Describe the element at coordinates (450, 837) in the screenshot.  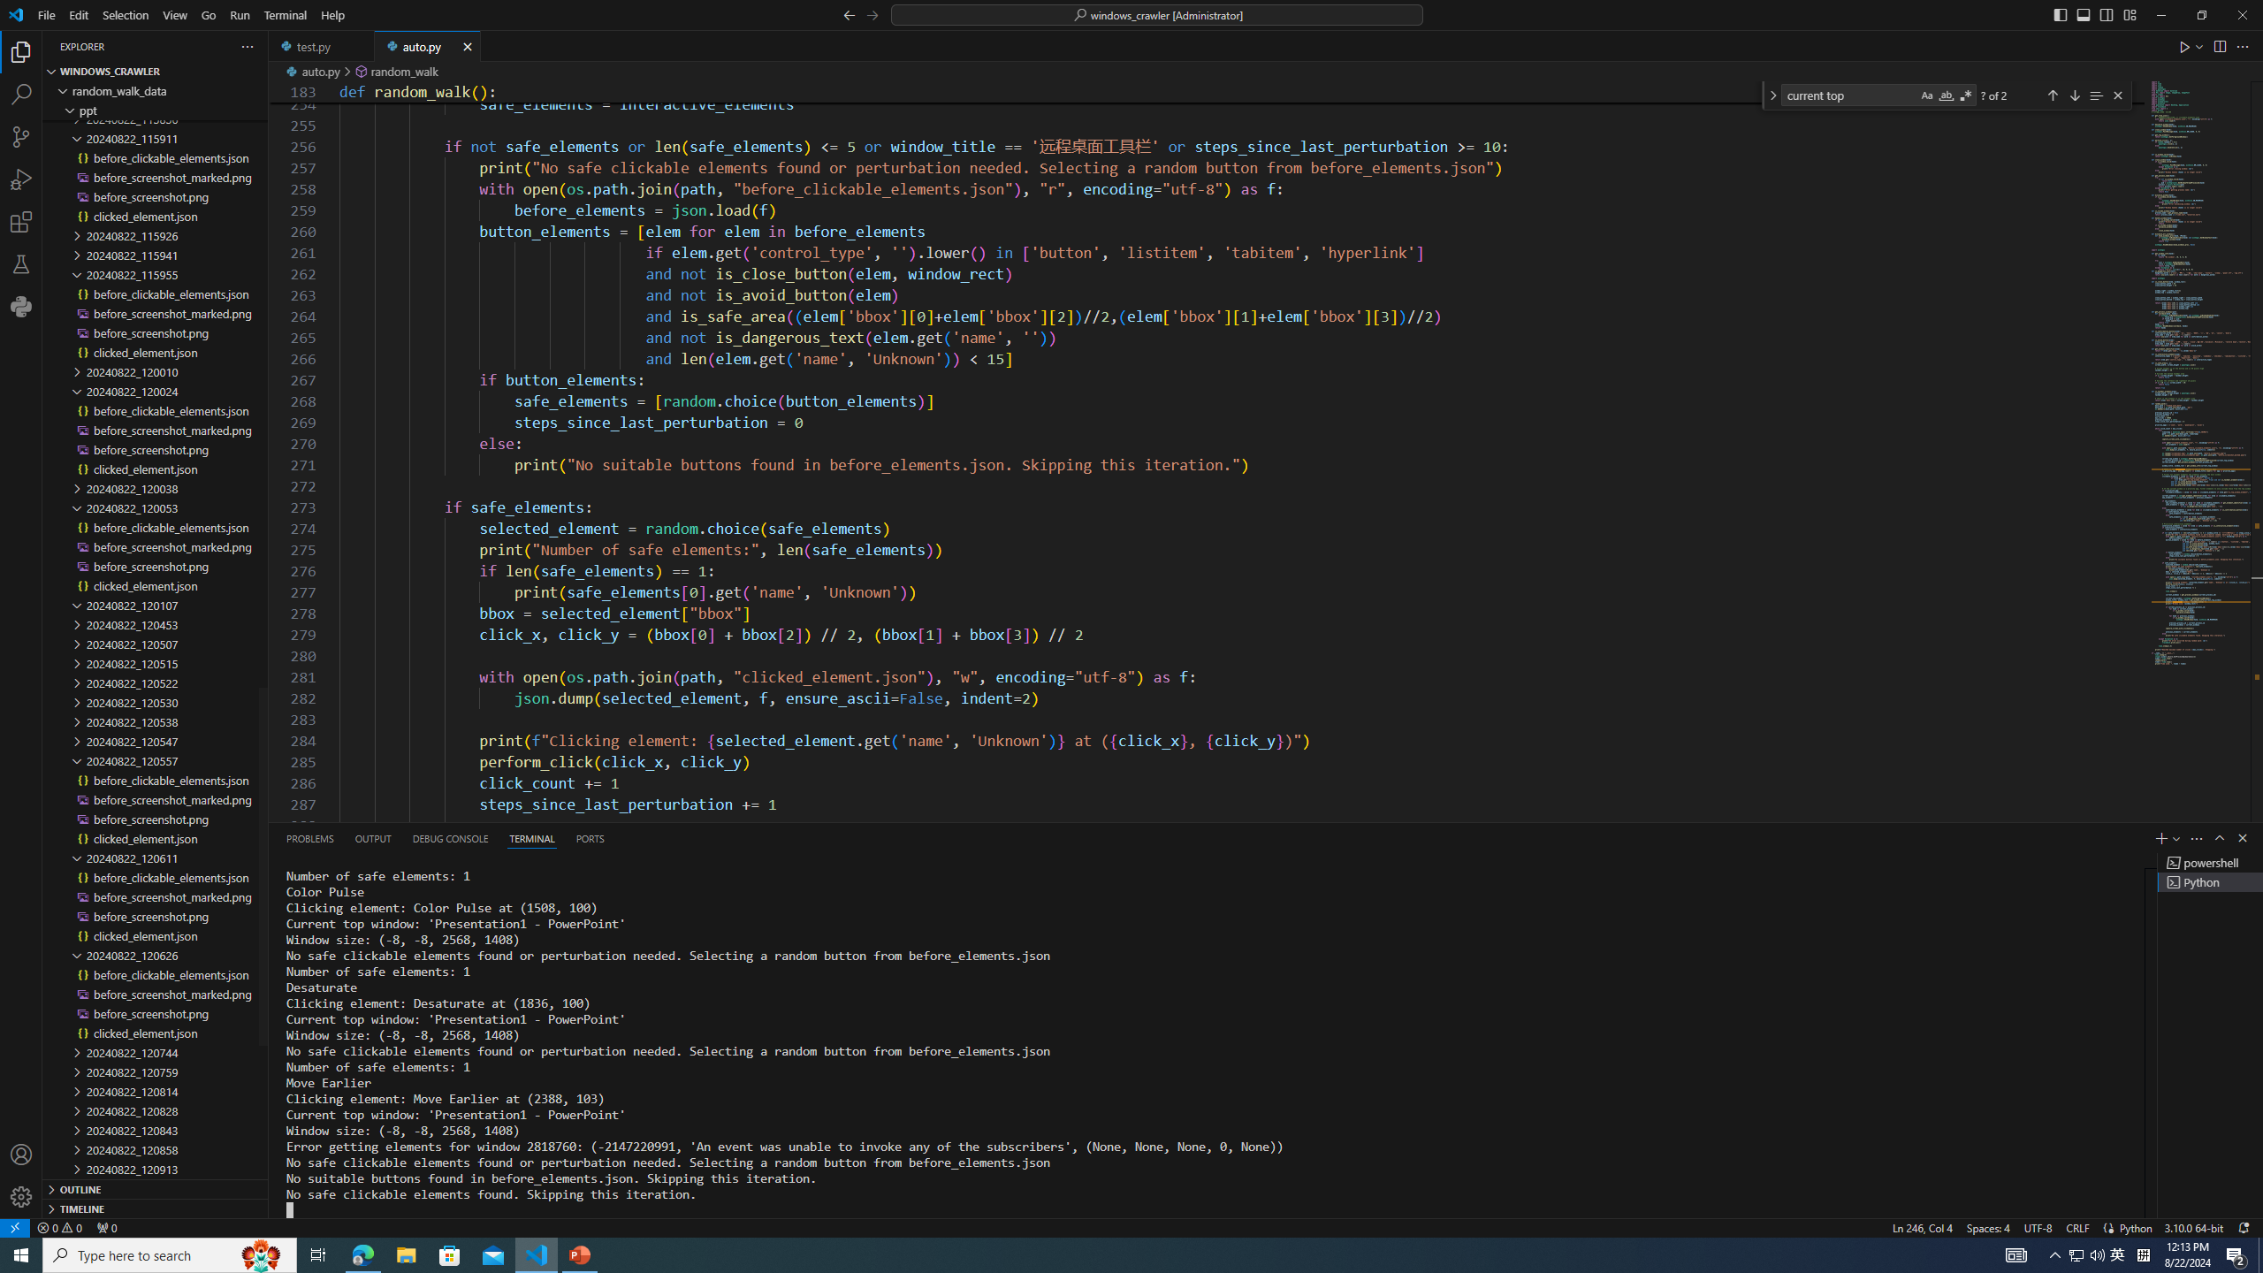
I see `'Debug Console (Ctrl+Shift+Y)'` at that location.